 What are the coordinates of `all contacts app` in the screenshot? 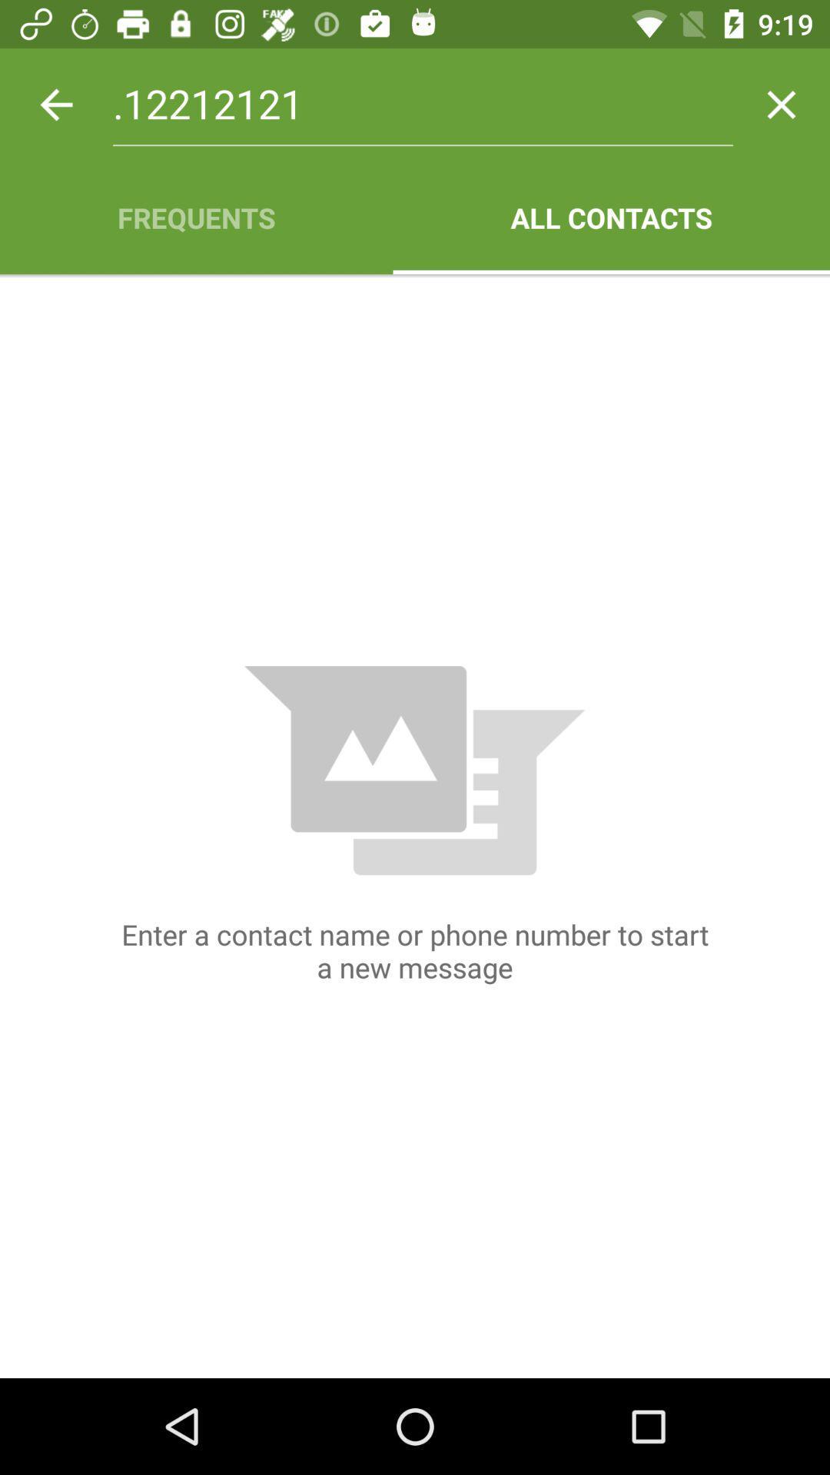 It's located at (610, 217).